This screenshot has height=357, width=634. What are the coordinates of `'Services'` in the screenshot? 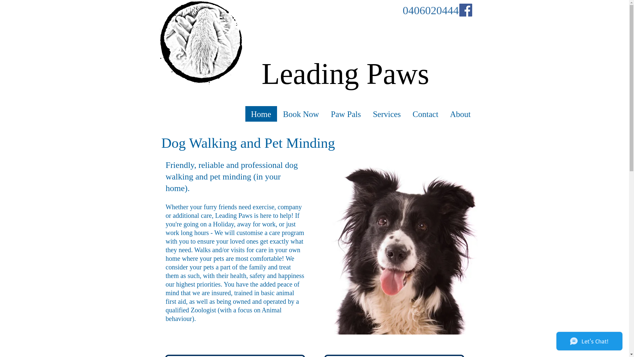 It's located at (366, 114).